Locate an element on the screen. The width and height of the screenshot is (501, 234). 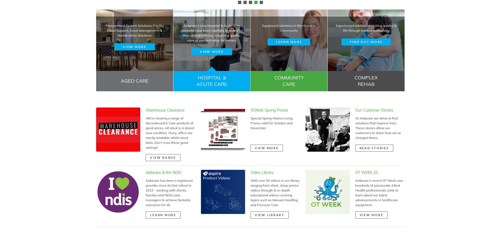
'ATAMA Spring Promo' is located at coordinates (269, 109).